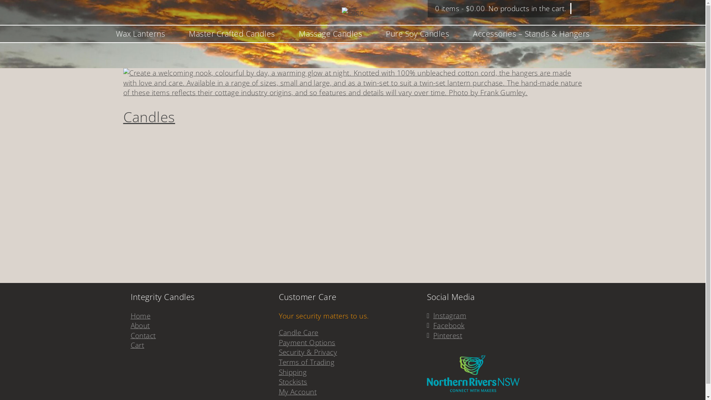 The image size is (711, 400). I want to click on 'Home', so click(140, 316).